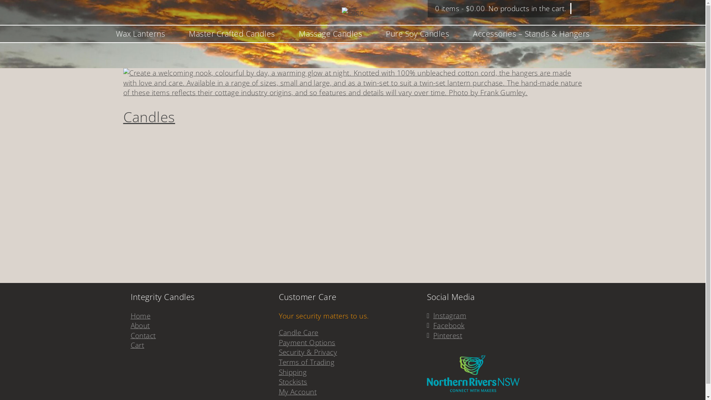 The image size is (711, 400). I want to click on 'Home', so click(140, 316).